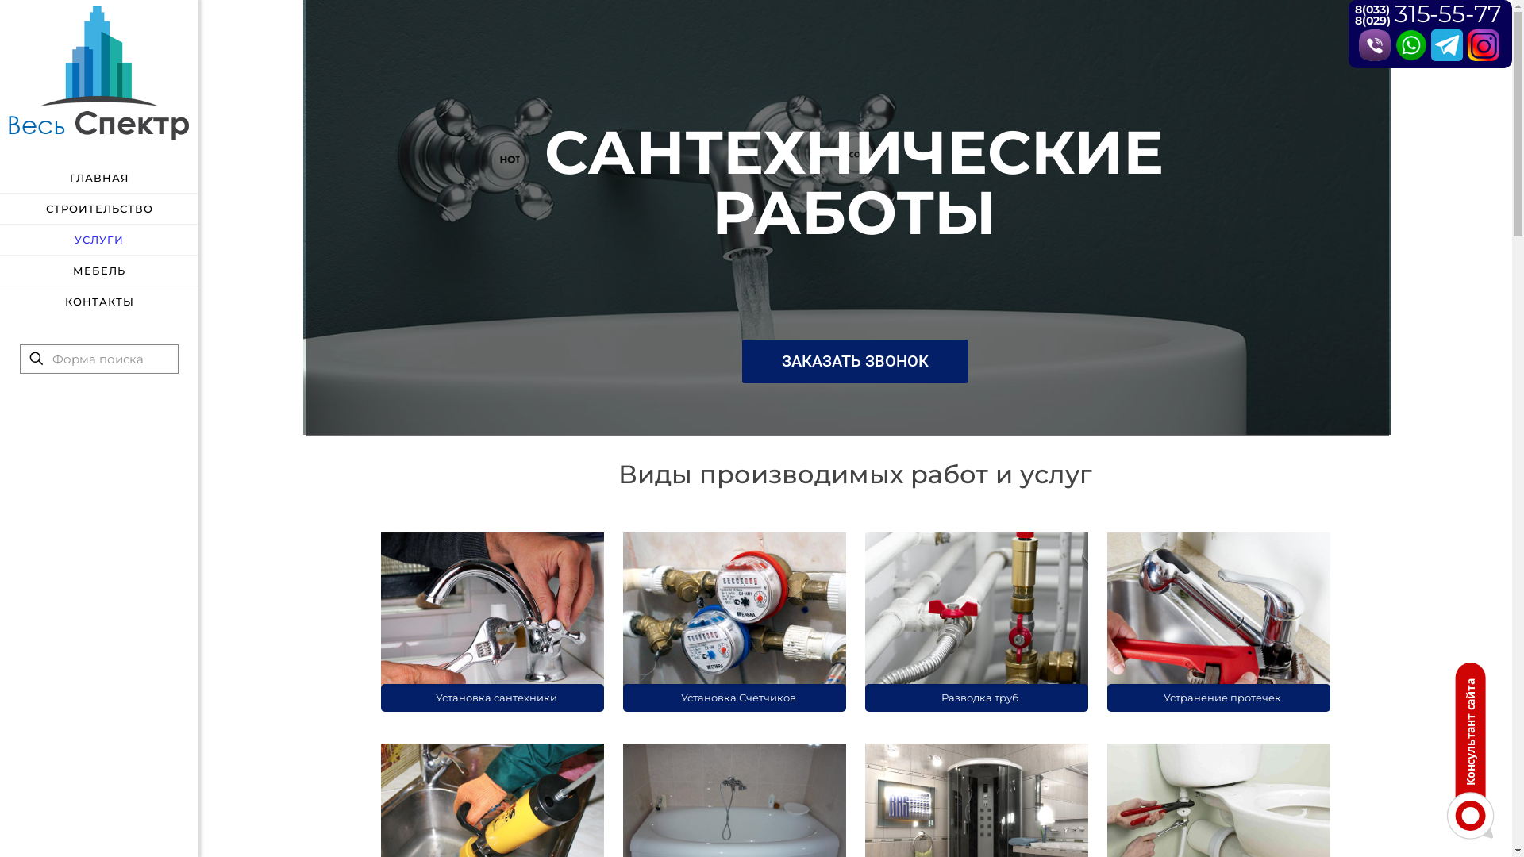 This screenshot has width=1524, height=857. Describe the element at coordinates (1371, 9) in the screenshot. I see `'8(033)'` at that location.